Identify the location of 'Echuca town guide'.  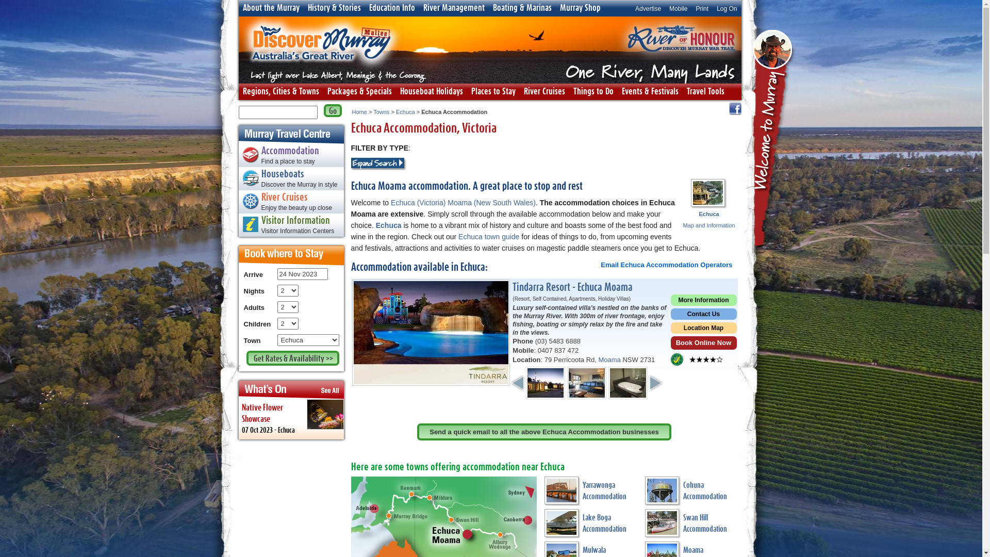
(488, 237).